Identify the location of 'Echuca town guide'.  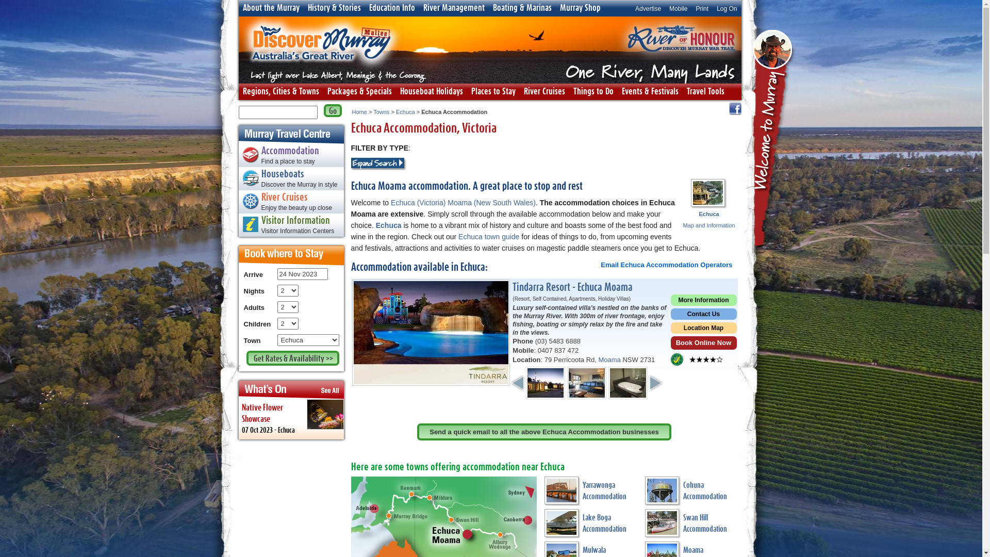
(488, 237).